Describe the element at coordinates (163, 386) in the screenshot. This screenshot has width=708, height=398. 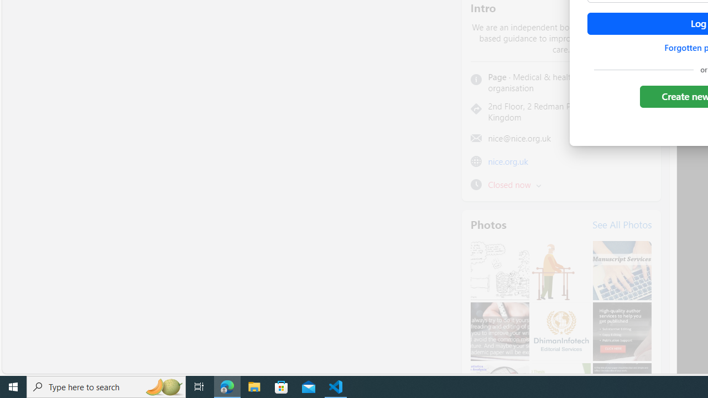
I see `'Search highlights icon opens search home window'` at that location.